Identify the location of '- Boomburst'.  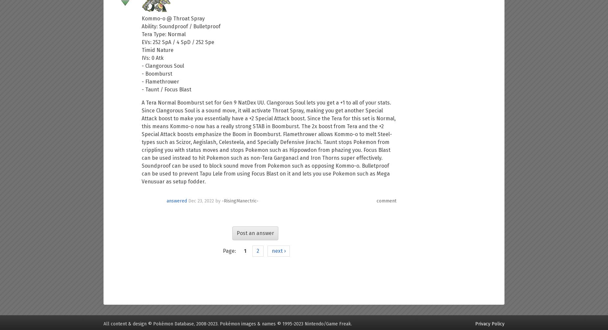
(157, 73).